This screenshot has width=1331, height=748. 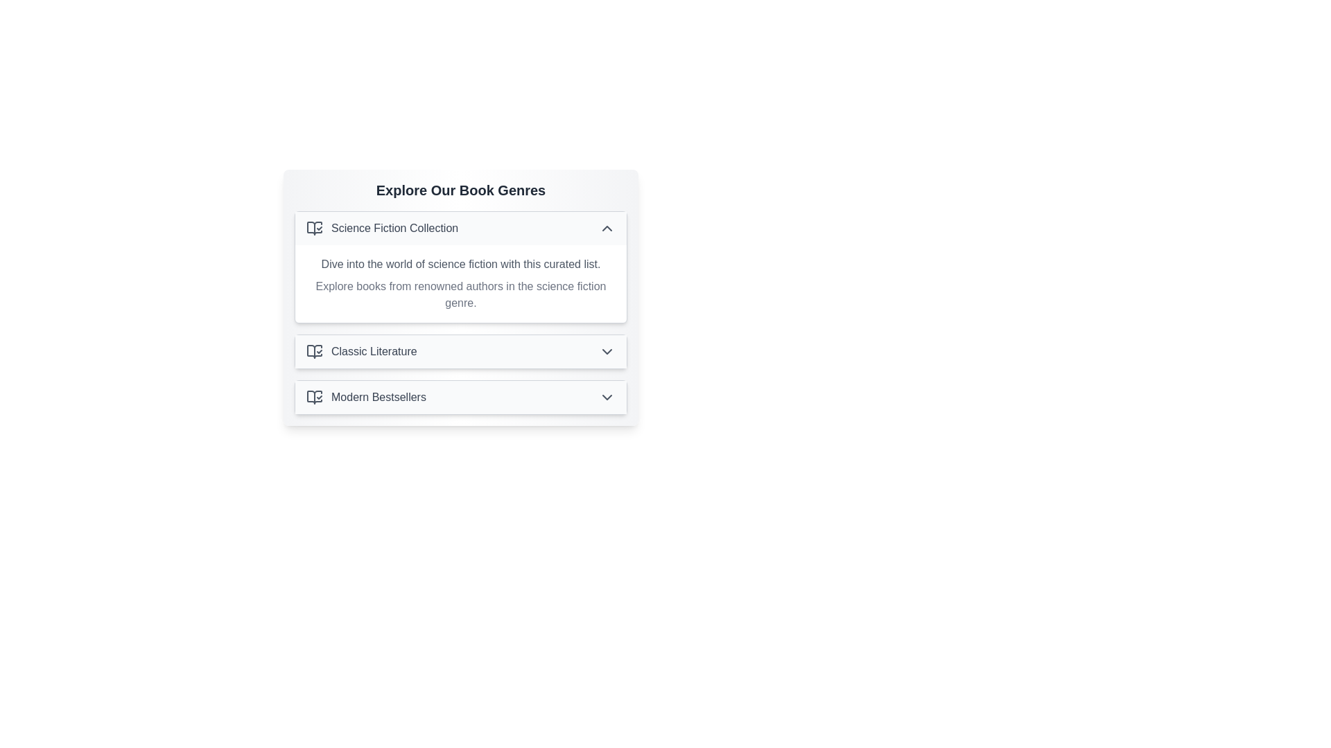 I want to click on the Dropdown toggle icon at the far right end of the 'Modern Bestsellers' section, so click(x=607, y=398).